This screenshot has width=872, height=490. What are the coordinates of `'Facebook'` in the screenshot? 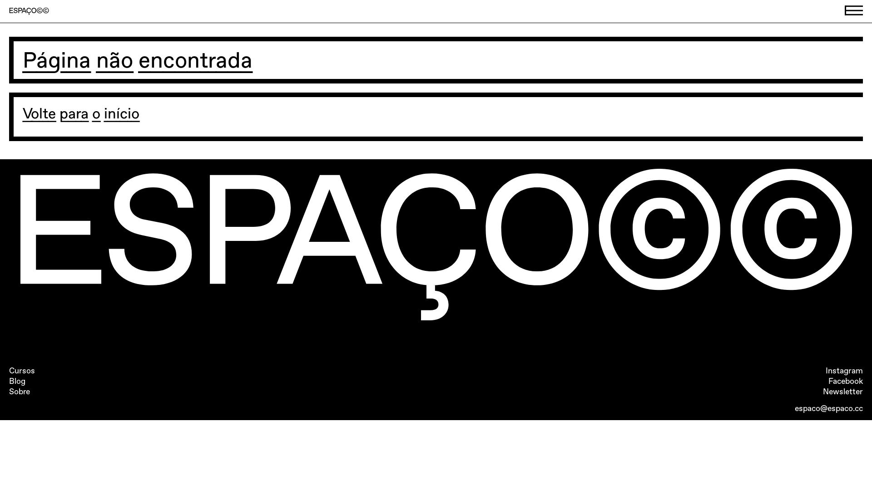 It's located at (845, 381).